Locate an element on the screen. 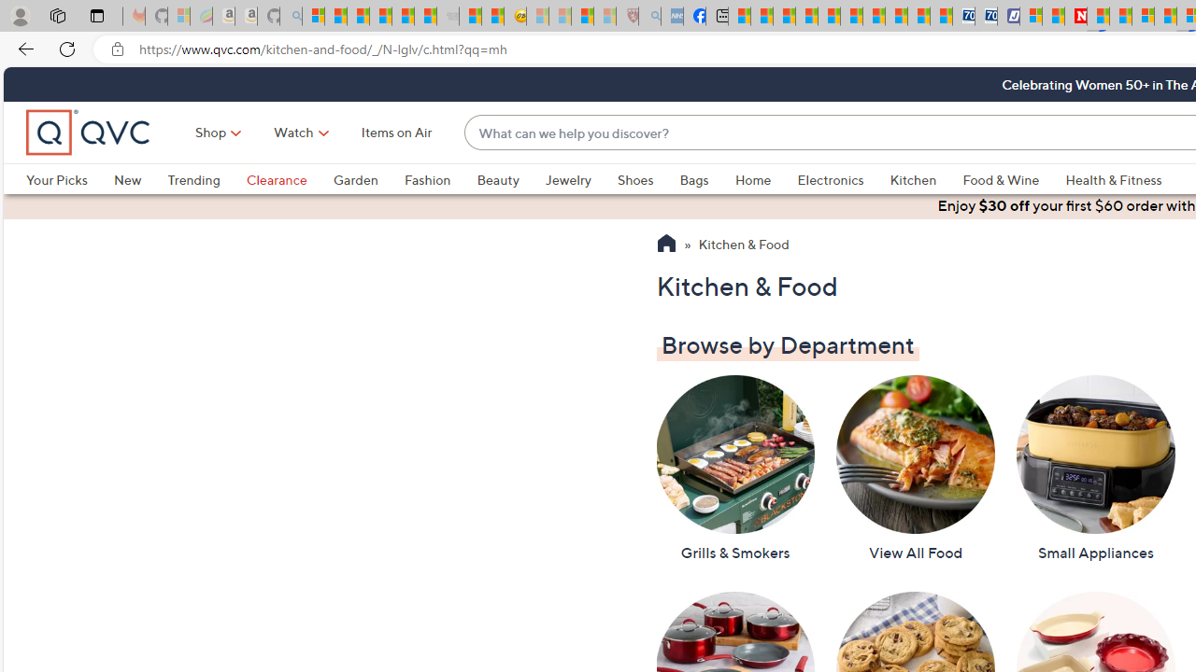 The height and width of the screenshot is (672, 1196). '12 Popular Science Lies that Must be Corrected - Sleeping' is located at coordinates (605, 16).